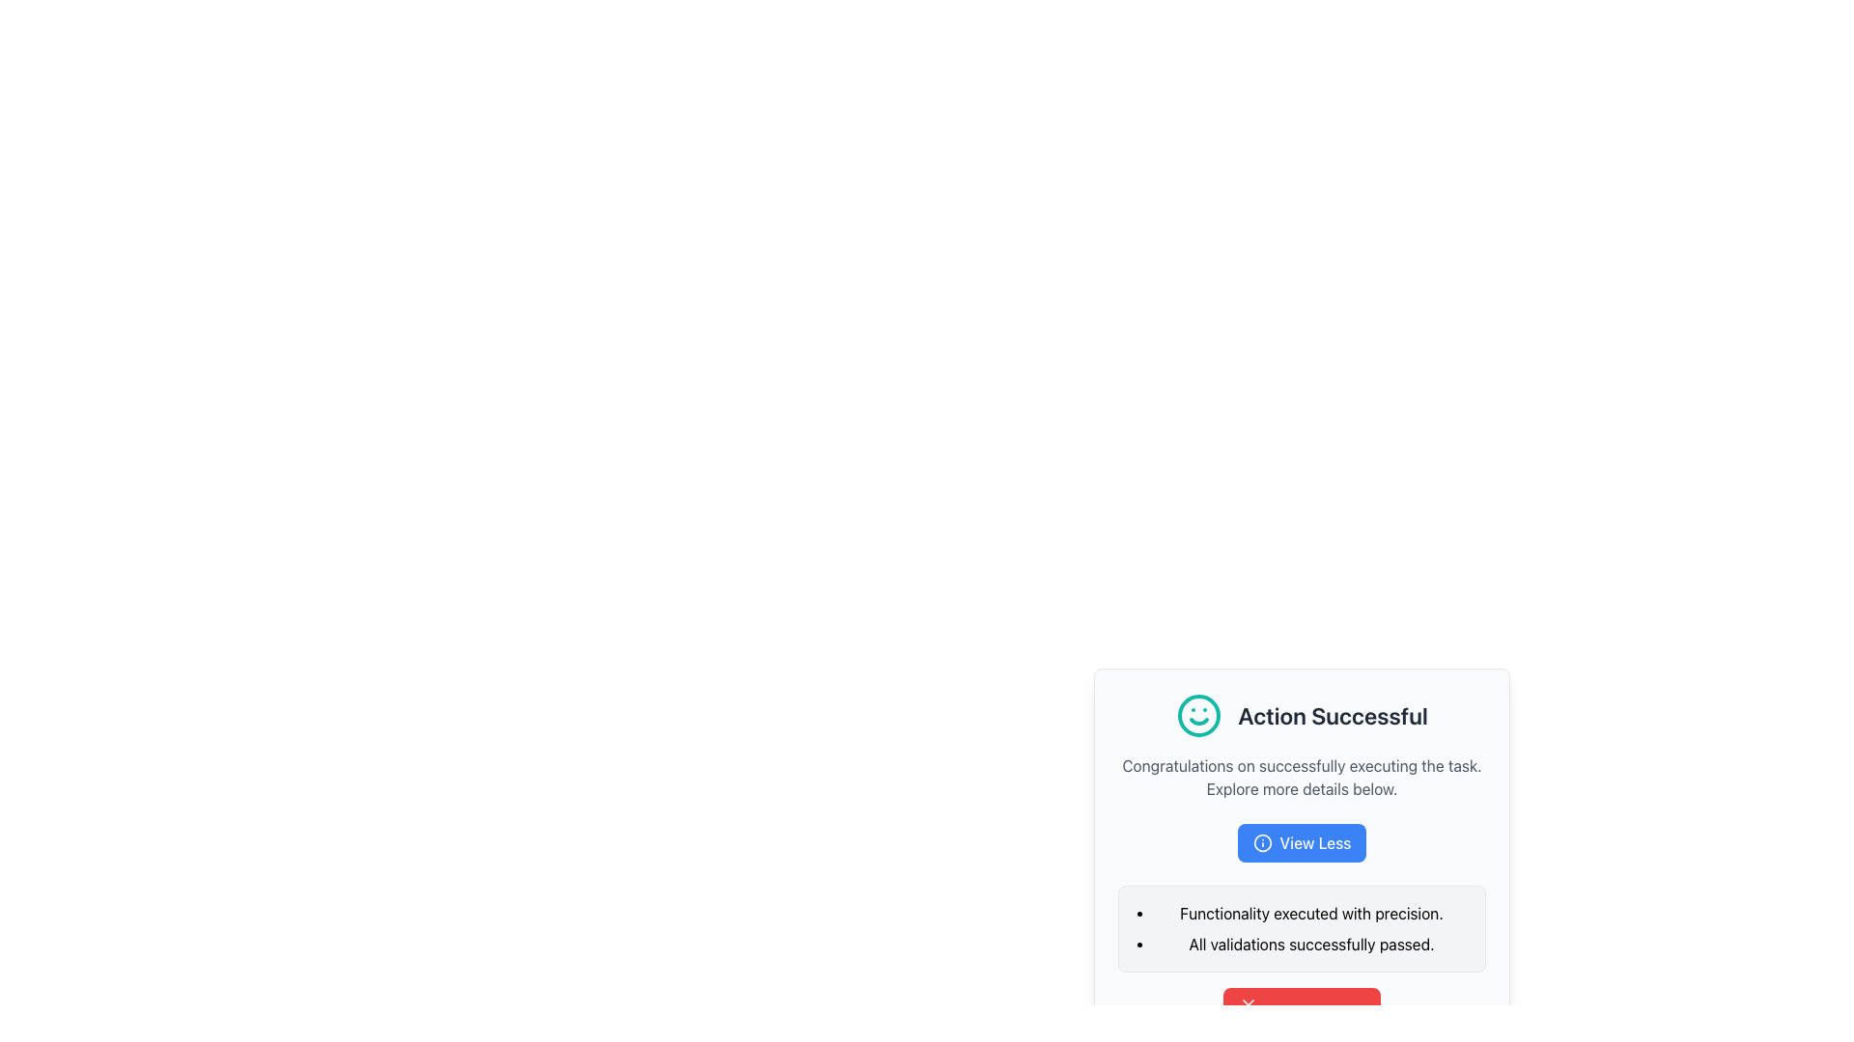 This screenshot has width=1854, height=1042. Describe the element at coordinates (1262, 842) in the screenshot. I see `the small circular icon with a blue background and white border positioned to the left of the 'View Less' text in the success message panel` at that location.